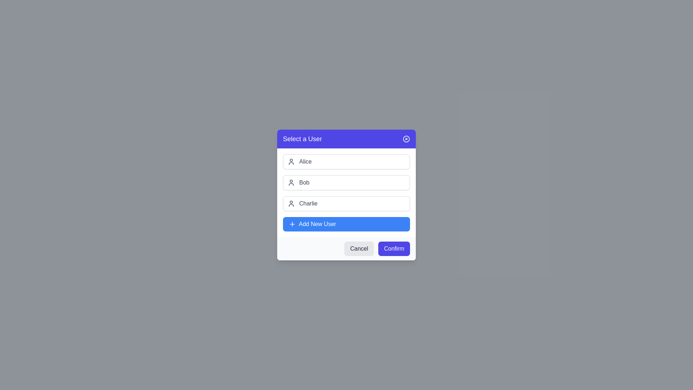 The width and height of the screenshot is (693, 390). Describe the element at coordinates (359, 248) in the screenshot. I see `the 'Cancel' button located at the bottom-right corner of the modal dialog box` at that location.